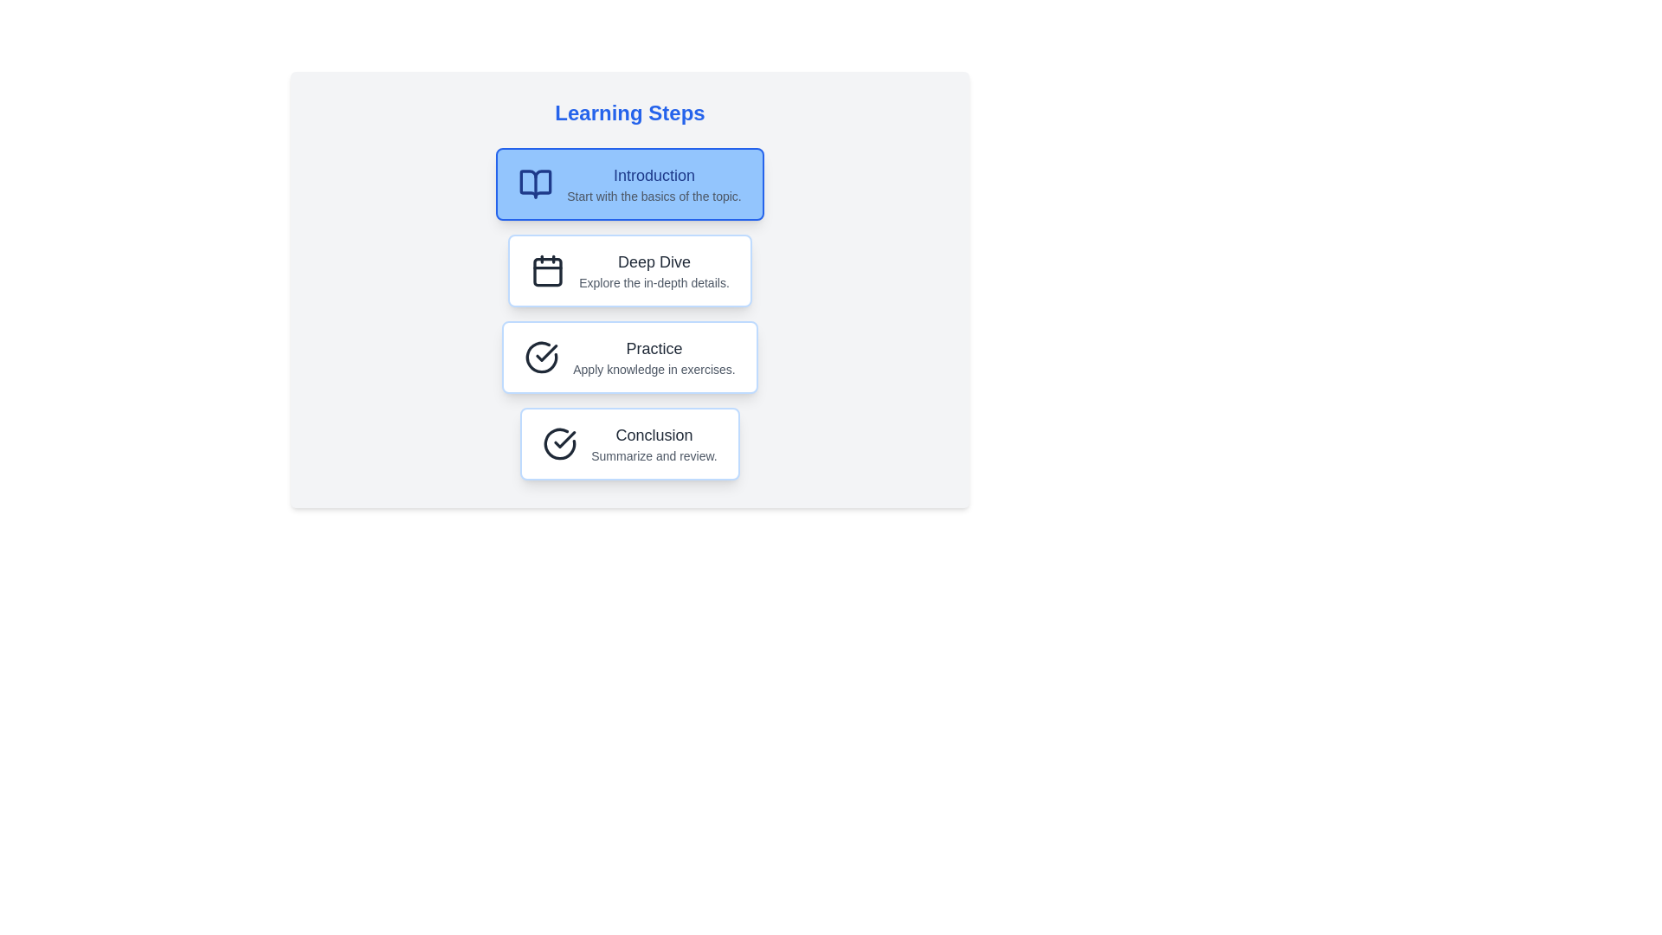 This screenshot has width=1662, height=935. Describe the element at coordinates (629, 443) in the screenshot. I see `the fourth button in the 'Learning Steps' card, positioned below the 'Practice' button, to indicate readiness for interaction` at that location.